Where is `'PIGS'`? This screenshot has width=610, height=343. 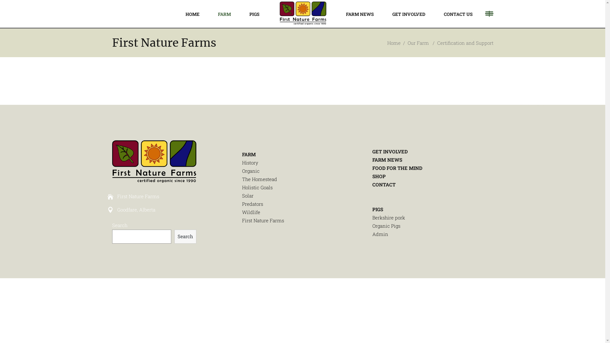 'PIGS' is located at coordinates (254, 14).